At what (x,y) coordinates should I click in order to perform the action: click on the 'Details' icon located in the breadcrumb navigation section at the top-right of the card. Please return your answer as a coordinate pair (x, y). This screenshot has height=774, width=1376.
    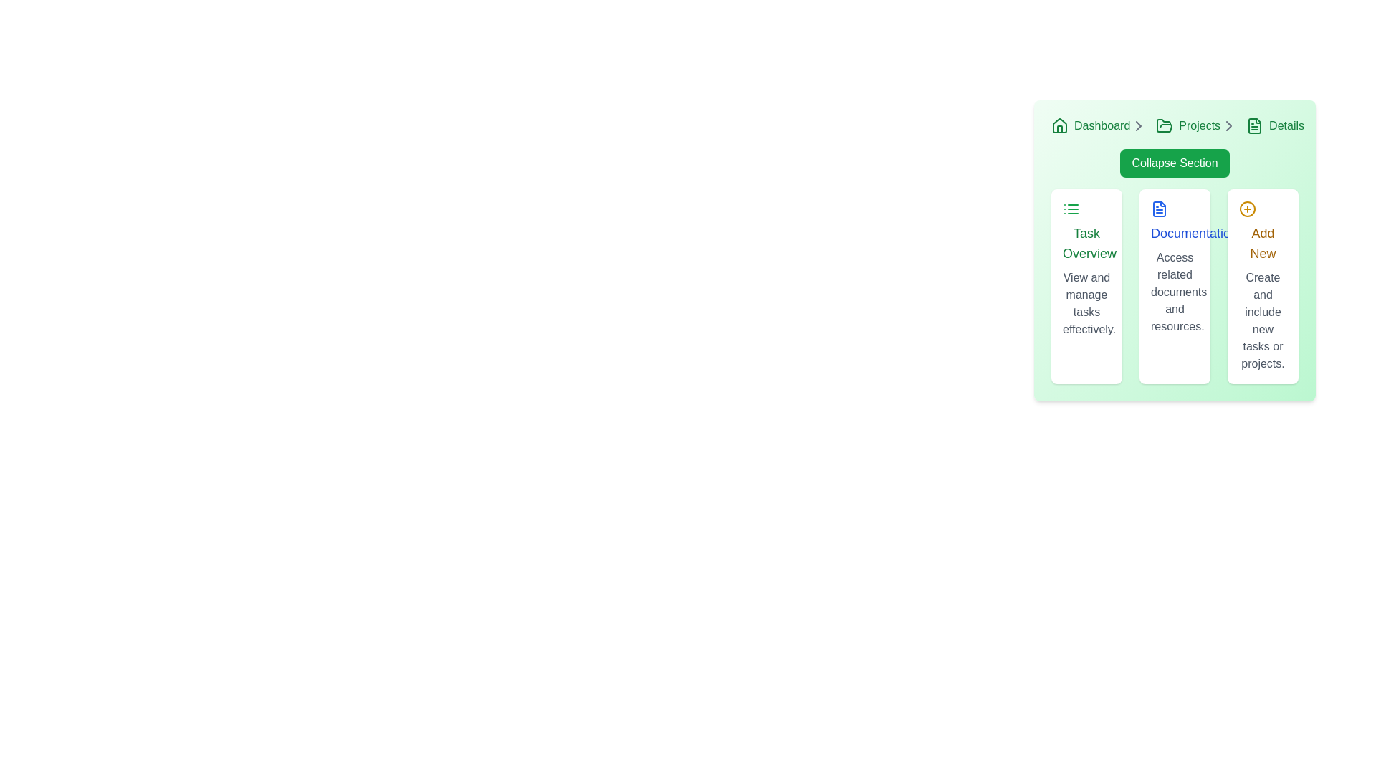
    Looking at the image, I should click on (1254, 125).